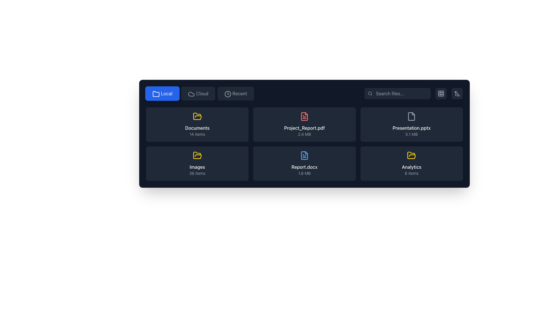 Image resolution: width=551 pixels, height=310 pixels. What do you see at coordinates (197, 164) in the screenshot?
I see `the 'Images' folder, which is an interactive folder representation located in the second row, first column of the grid layout` at bounding box center [197, 164].